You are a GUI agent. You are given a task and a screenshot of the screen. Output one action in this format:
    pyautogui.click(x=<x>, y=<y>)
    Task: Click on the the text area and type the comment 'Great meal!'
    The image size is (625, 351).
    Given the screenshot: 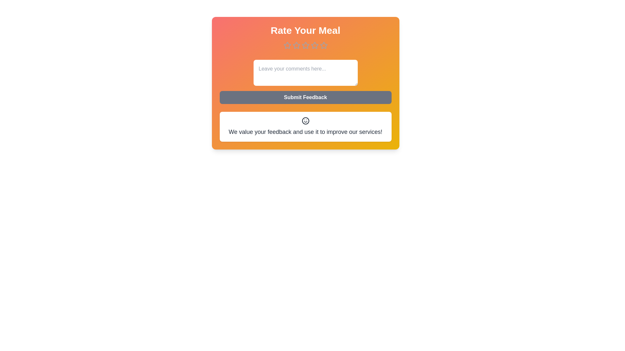 What is the action you would take?
    pyautogui.click(x=305, y=72)
    